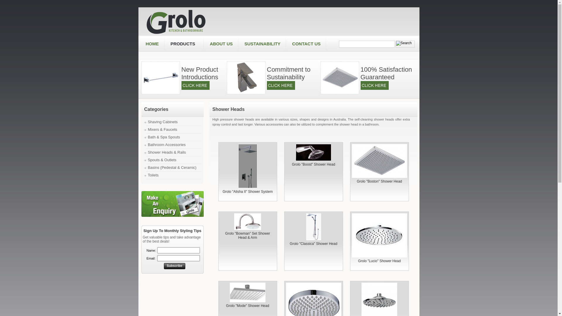 The height and width of the screenshot is (316, 562). I want to click on 'Subscribe', so click(174, 266).